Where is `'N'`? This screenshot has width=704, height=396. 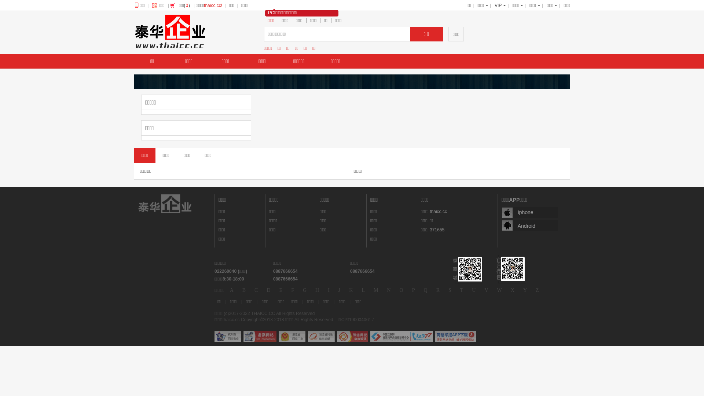 'N' is located at coordinates (388, 290).